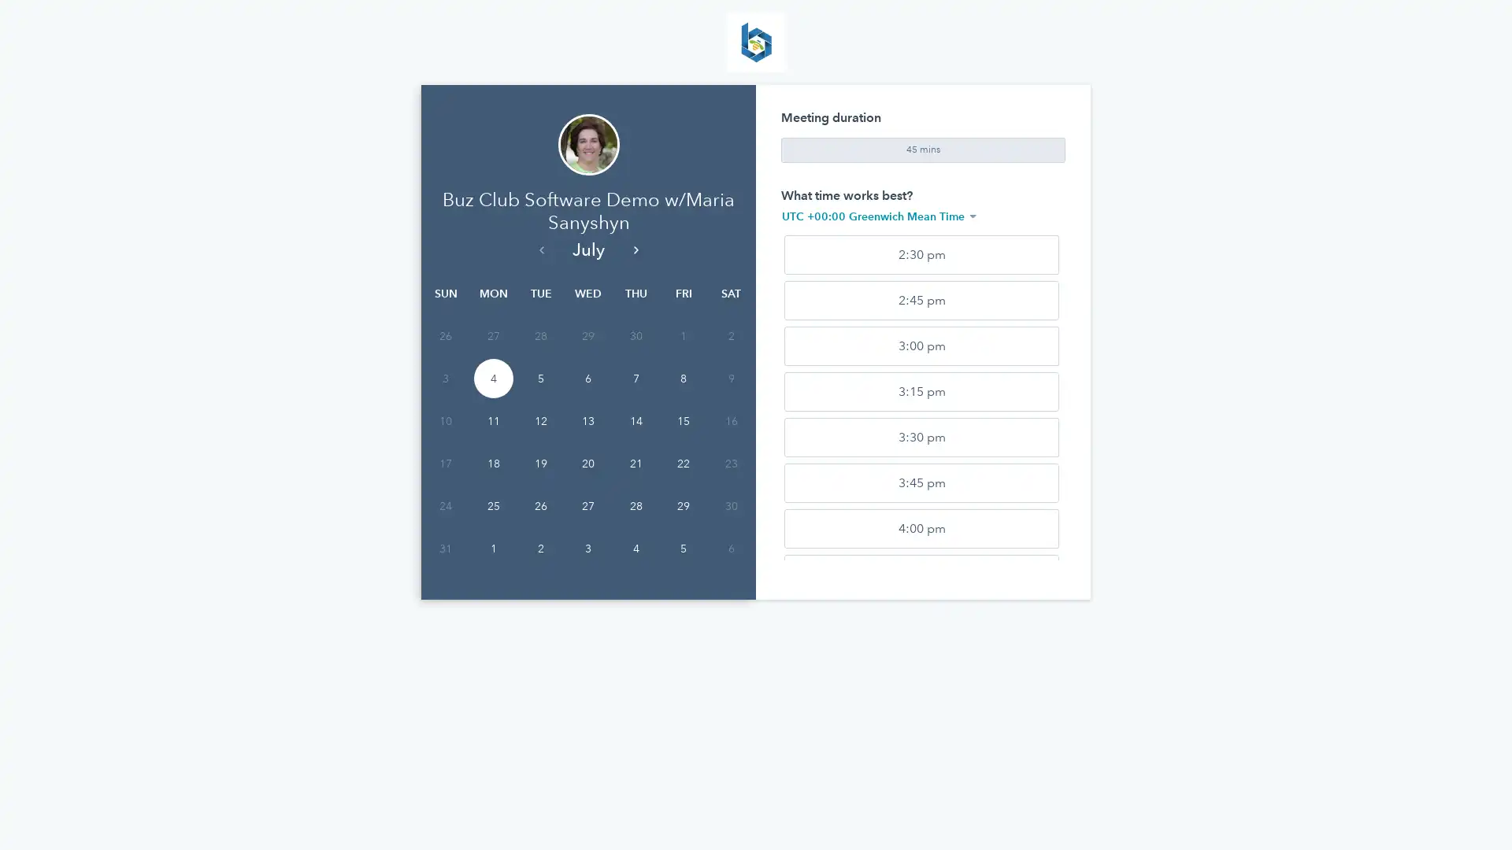  Describe the element at coordinates (587, 506) in the screenshot. I see `July 27th` at that location.